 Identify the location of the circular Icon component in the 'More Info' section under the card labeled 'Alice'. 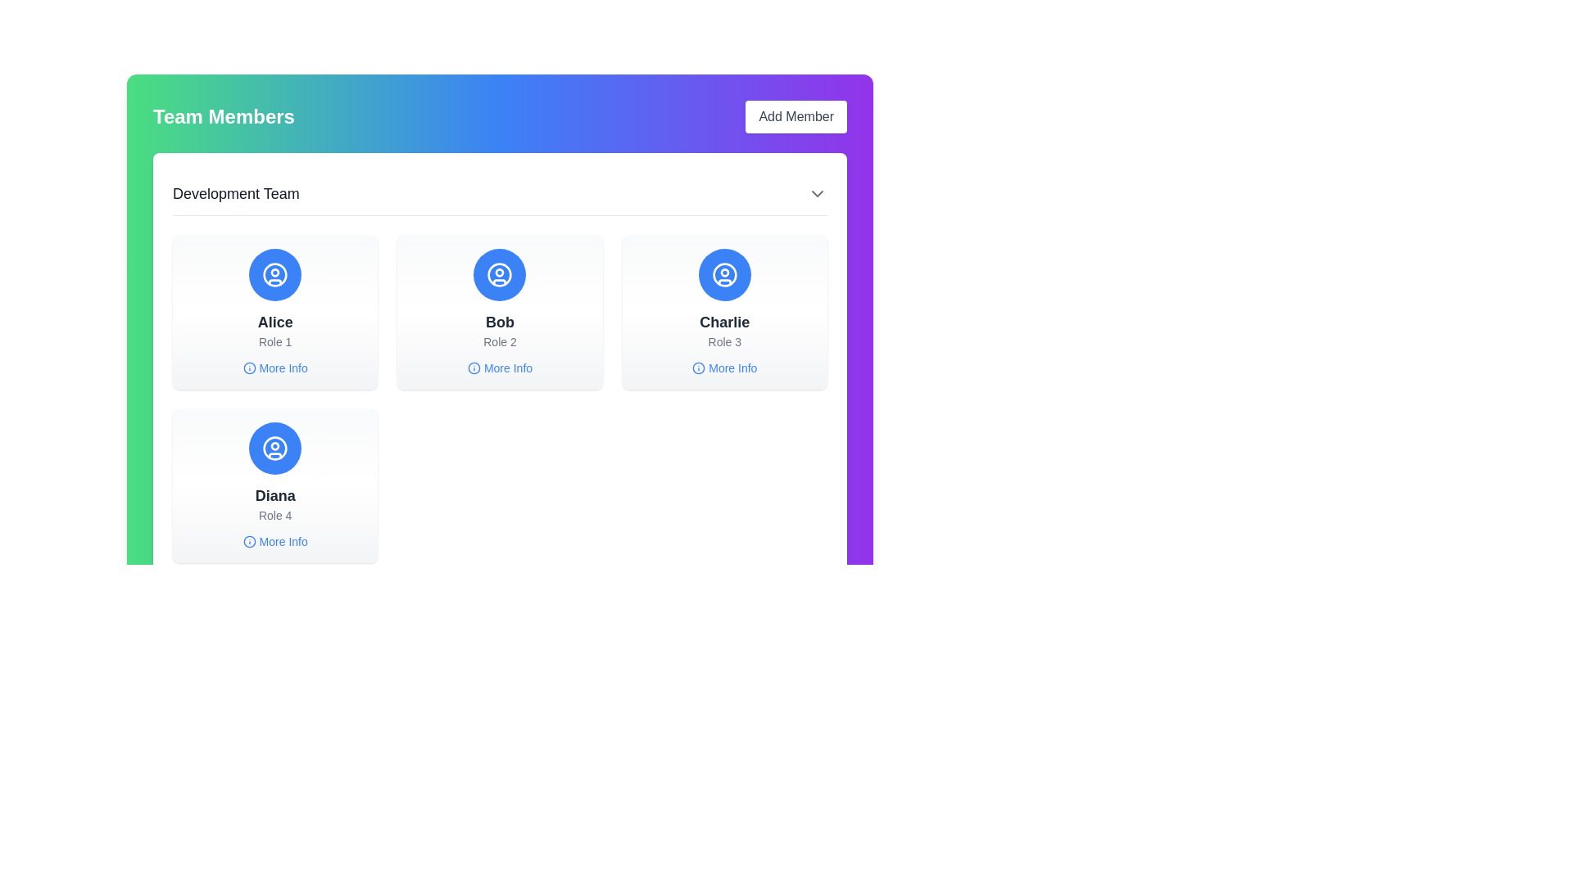
(248, 368).